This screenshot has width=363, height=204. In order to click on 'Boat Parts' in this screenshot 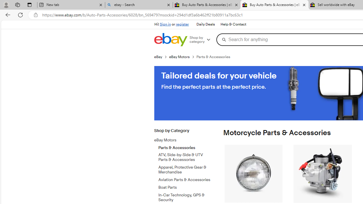, I will do `click(185, 188)`.